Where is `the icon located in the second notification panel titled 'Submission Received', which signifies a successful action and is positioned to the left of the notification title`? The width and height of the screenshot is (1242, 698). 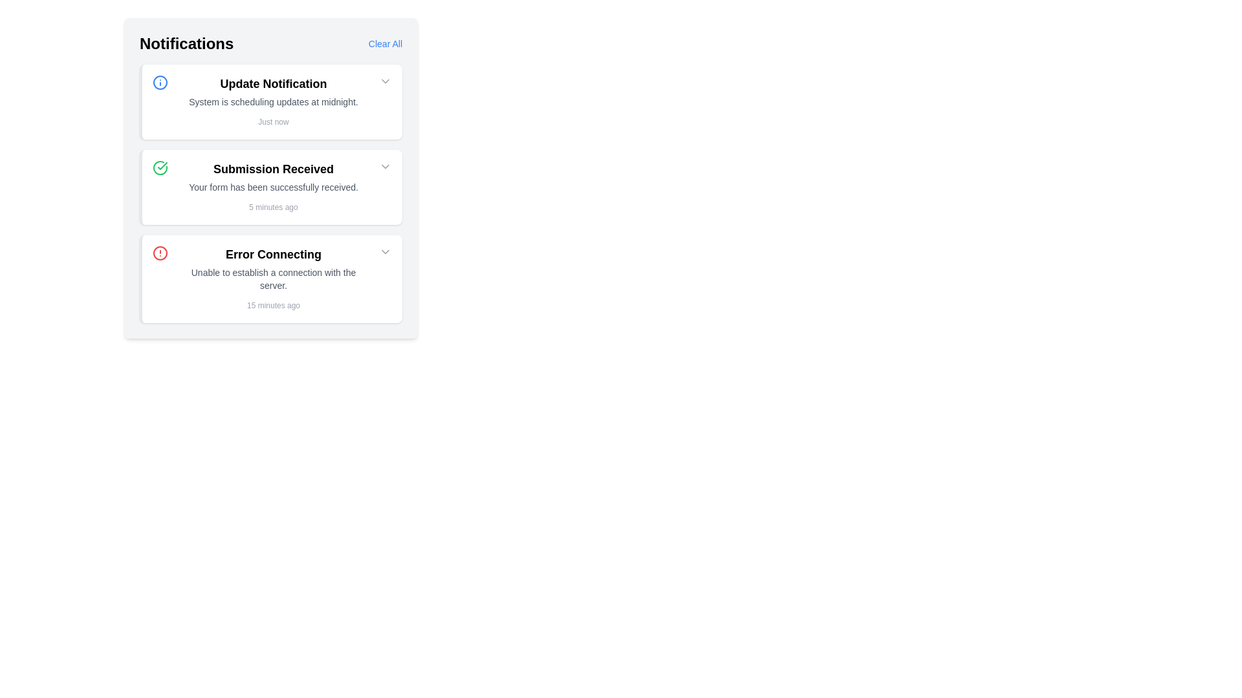 the icon located in the second notification panel titled 'Submission Received', which signifies a successful action and is positioned to the left of the notification title is located at coordinates (160, 167).